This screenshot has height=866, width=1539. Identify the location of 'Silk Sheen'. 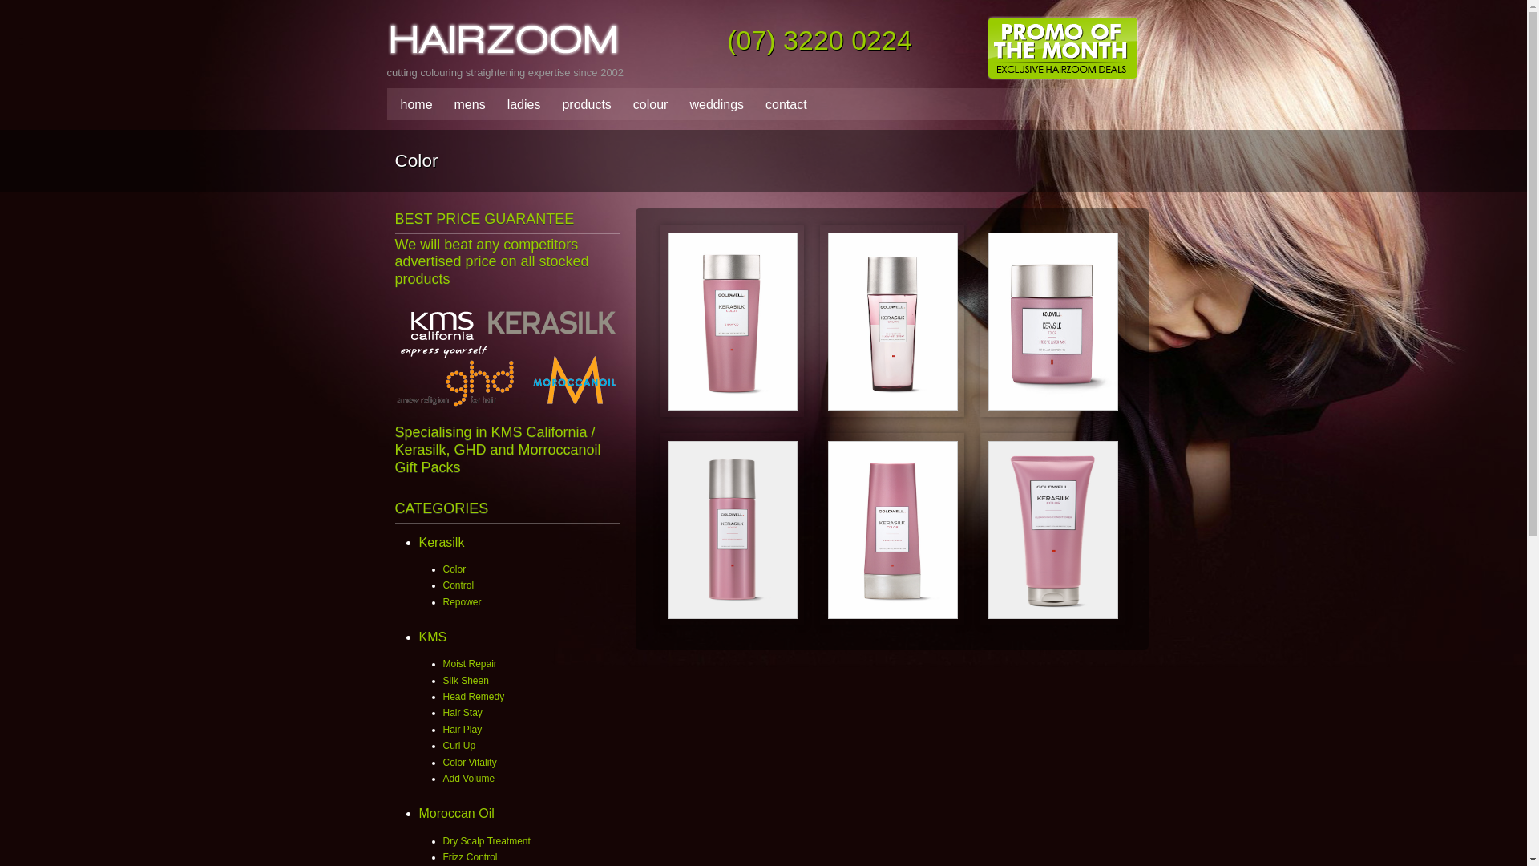
(464, 680).